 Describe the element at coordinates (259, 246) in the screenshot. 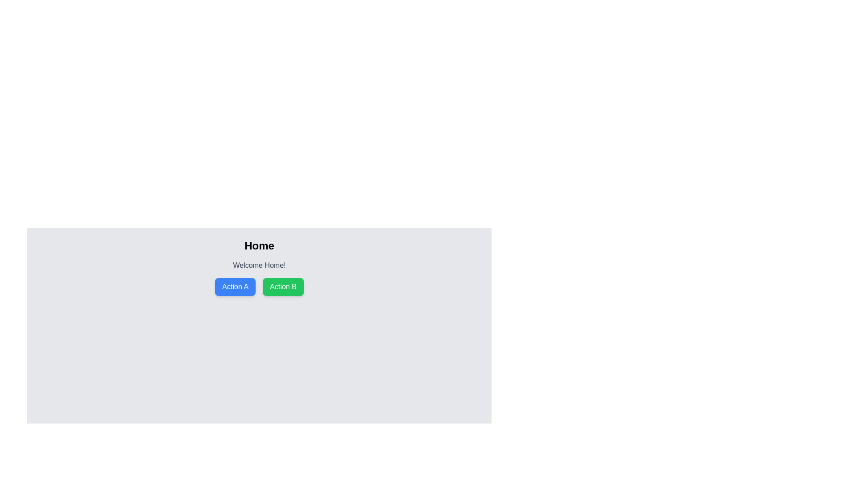

I see `the heading element that serves as a title, located centrally above the 'Welcome Home!' text` at that location.